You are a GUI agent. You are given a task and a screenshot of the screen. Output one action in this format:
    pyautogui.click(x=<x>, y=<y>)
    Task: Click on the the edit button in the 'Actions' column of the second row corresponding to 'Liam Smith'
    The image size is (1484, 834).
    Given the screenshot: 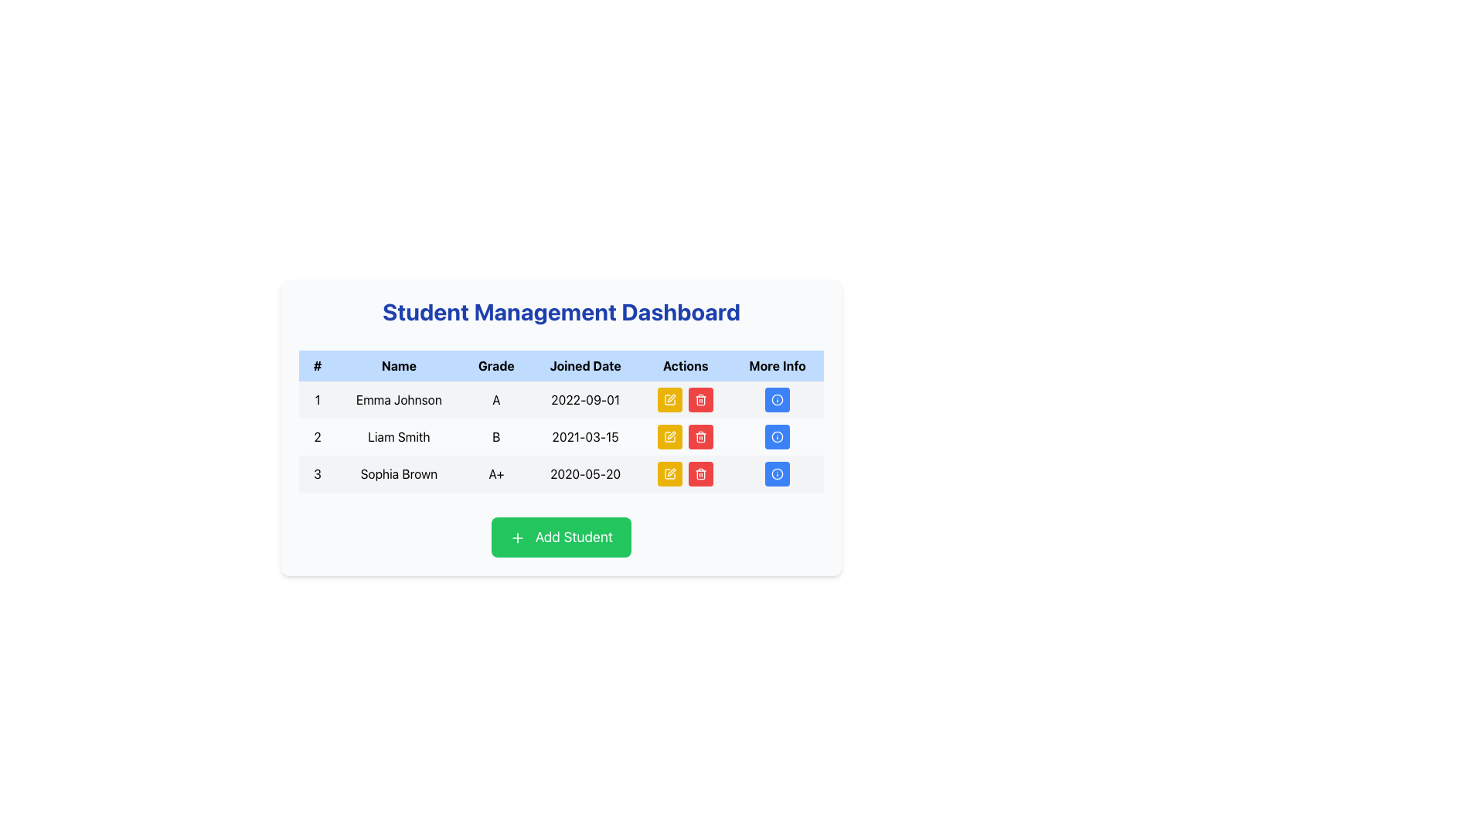 What is the action you would take?
    pyautogui.click(x=671, y=398)
    